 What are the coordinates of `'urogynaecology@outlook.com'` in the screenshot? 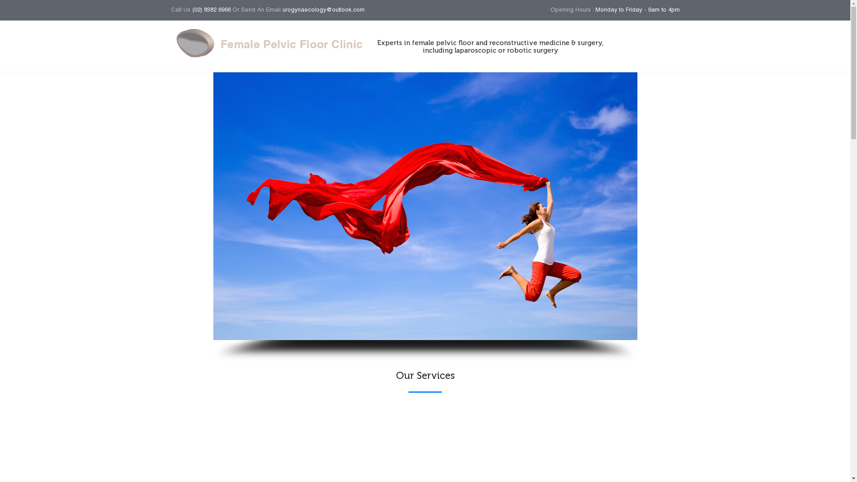 It's located at (323, 10).